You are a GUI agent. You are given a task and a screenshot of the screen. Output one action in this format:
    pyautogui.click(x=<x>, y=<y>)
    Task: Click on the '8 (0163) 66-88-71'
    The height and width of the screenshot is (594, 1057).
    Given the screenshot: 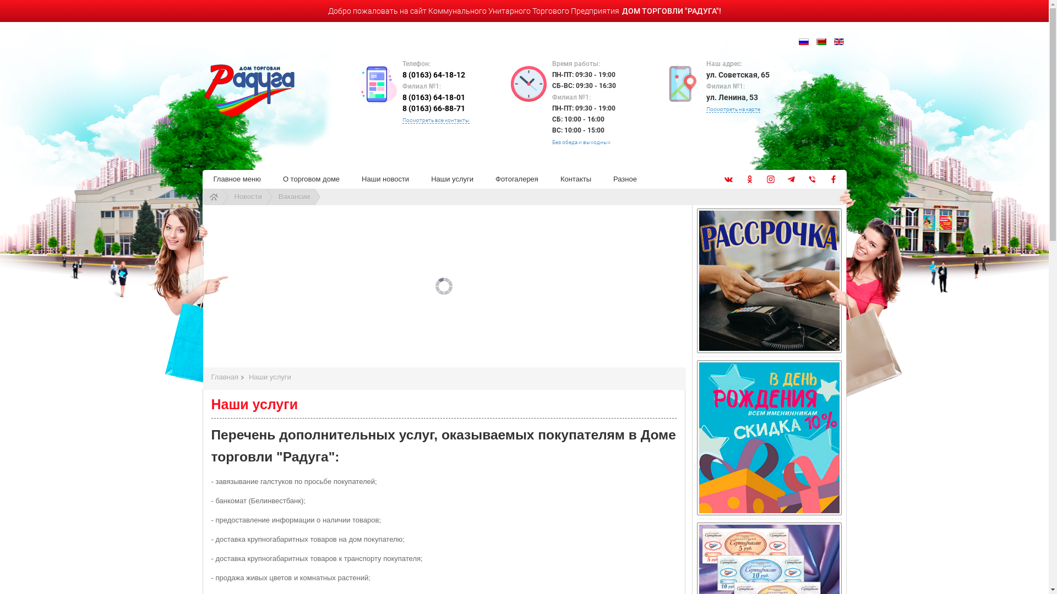 What is the action you would take?
    pyautogui.click(x=401, y=108)
    